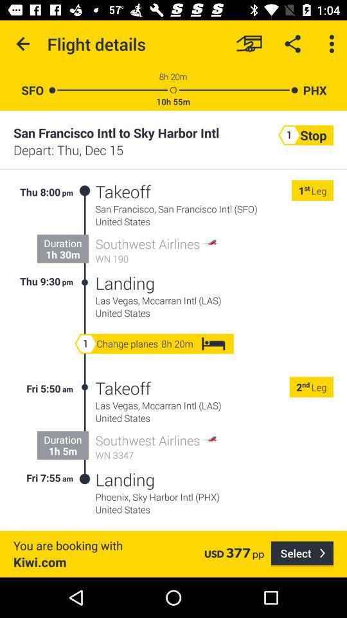 The height and width of the screenshot is (618, 347). Describe the element at coordinates (249, 44) in the screenshot. I see `the item to the right of the flight details icon` at that location.